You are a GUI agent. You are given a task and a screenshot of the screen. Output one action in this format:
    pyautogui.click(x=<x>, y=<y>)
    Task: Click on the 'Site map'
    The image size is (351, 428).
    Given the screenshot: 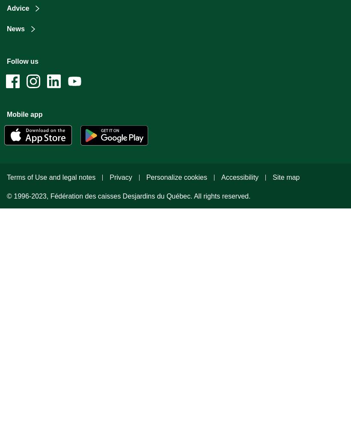 What is the action you would take?
    pyautogui.click(x=286, y=177)
    